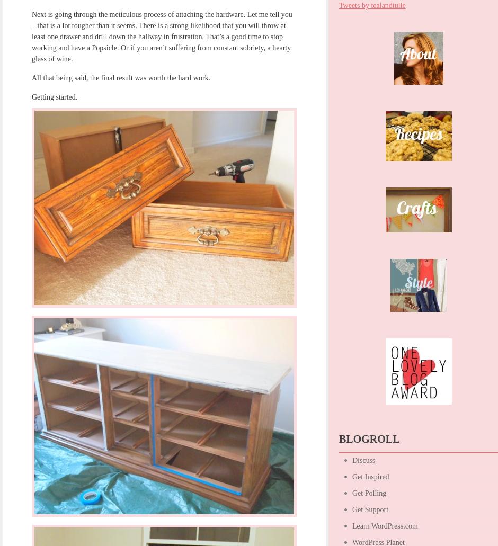 Image resolution: width=498 pixels, height=546 pixels. Describe the element at coordinates (385, 525) in the screenshot. I see `'Learn WordPress.com'` at that location.